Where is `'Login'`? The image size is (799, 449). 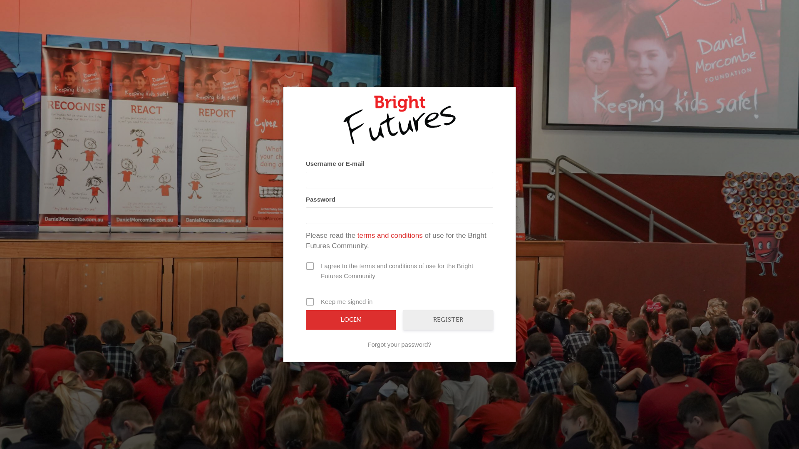
'Login' is located at coordinates (351, 319).